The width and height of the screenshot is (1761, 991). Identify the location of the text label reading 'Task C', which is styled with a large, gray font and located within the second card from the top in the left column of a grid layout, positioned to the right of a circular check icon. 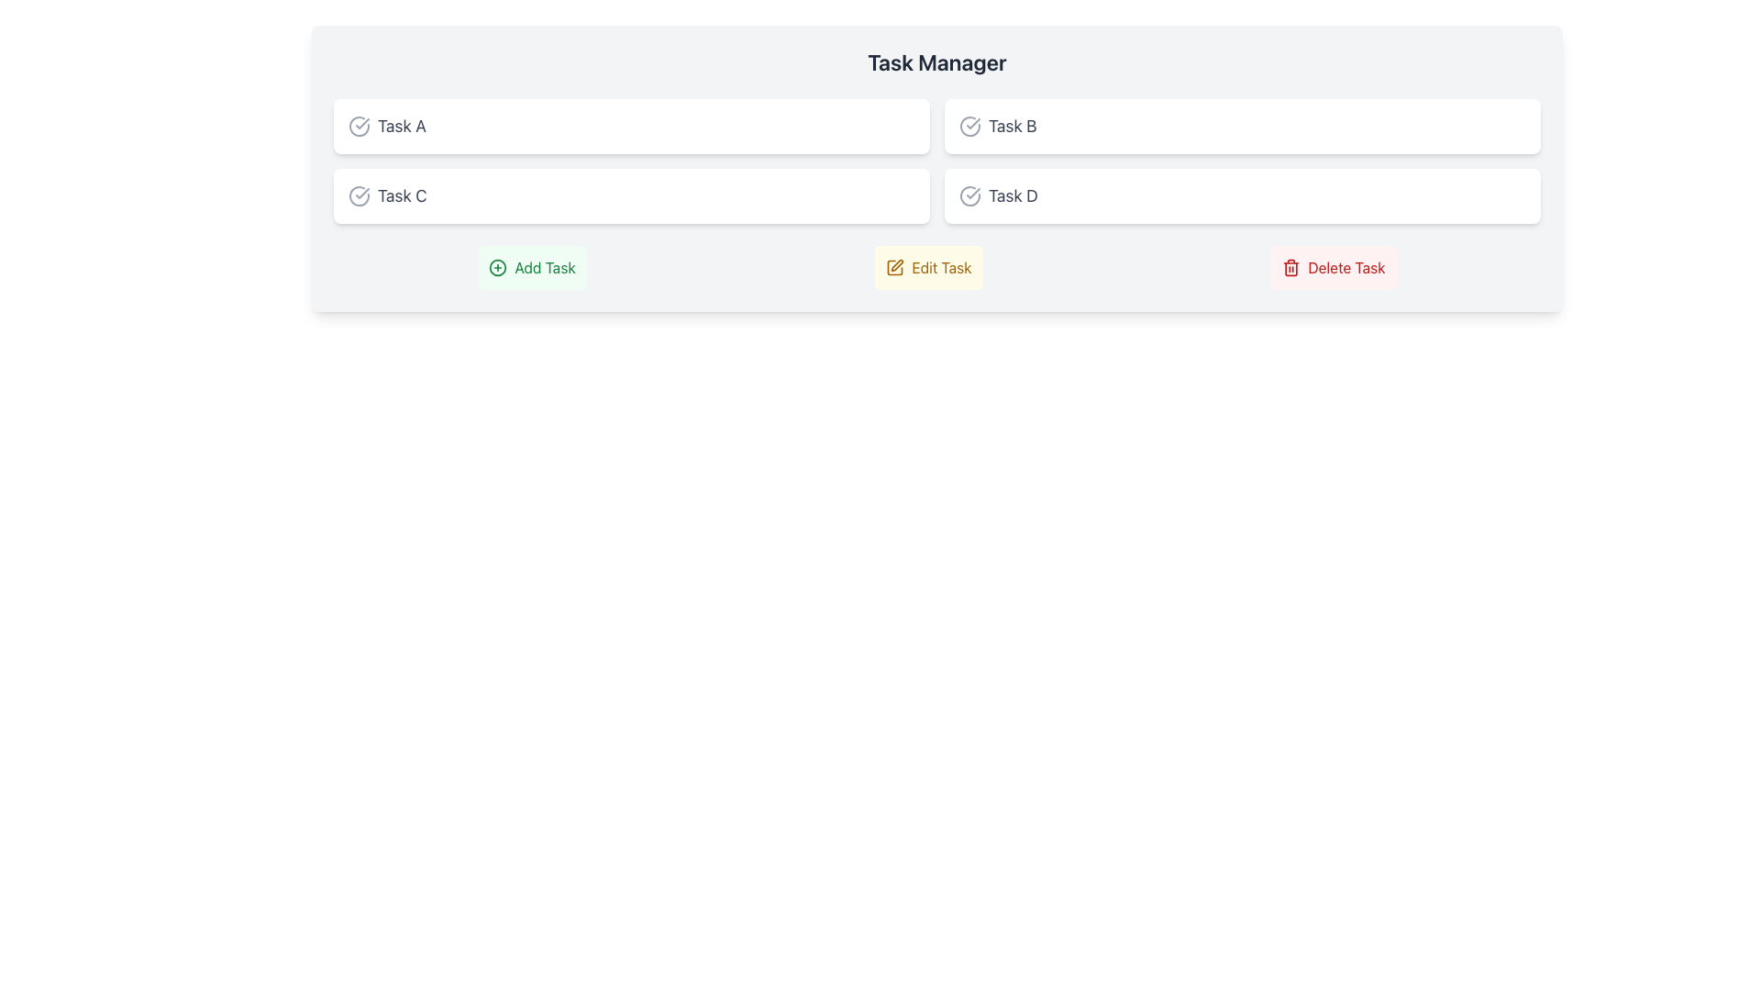
(401, 195).